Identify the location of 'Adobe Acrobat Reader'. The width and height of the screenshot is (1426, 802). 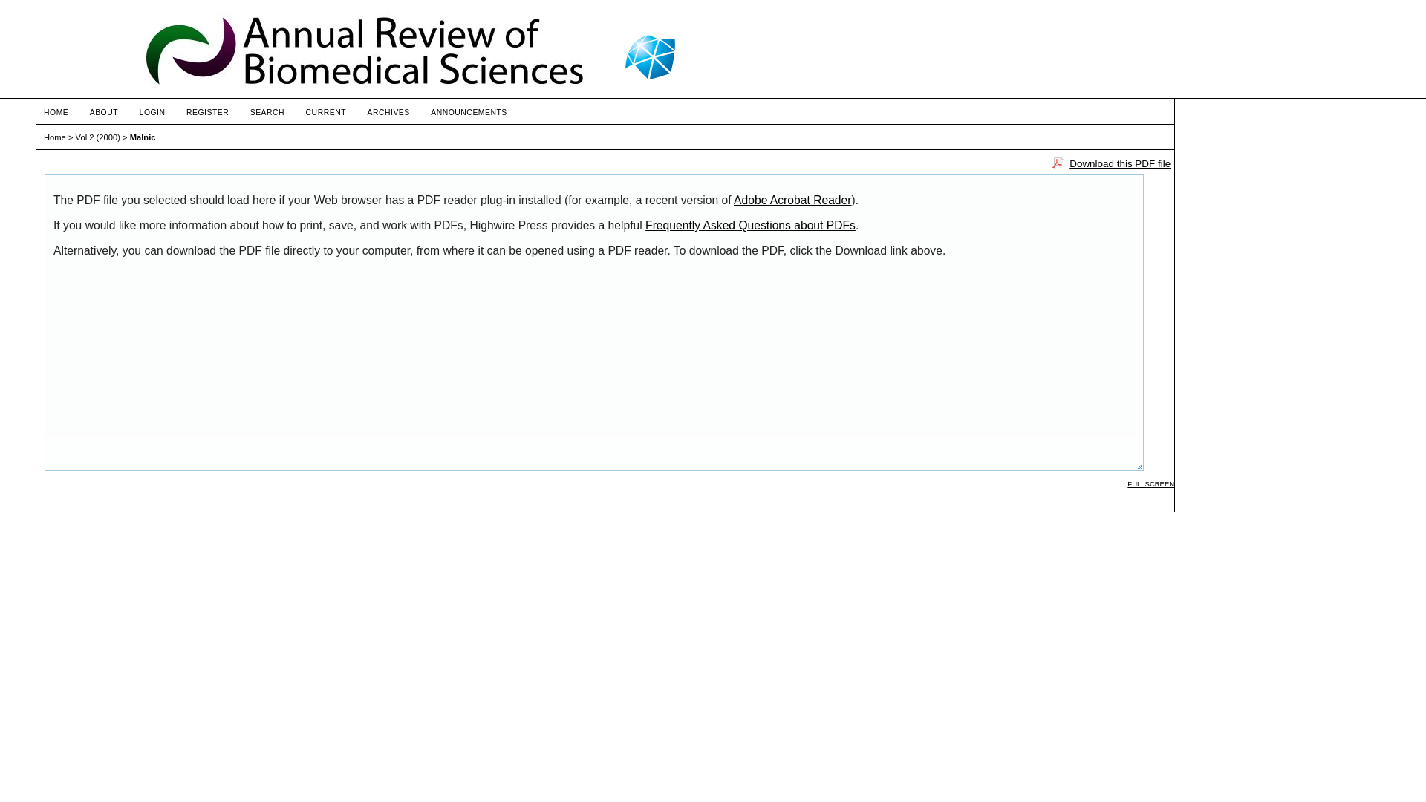
(791, 199).